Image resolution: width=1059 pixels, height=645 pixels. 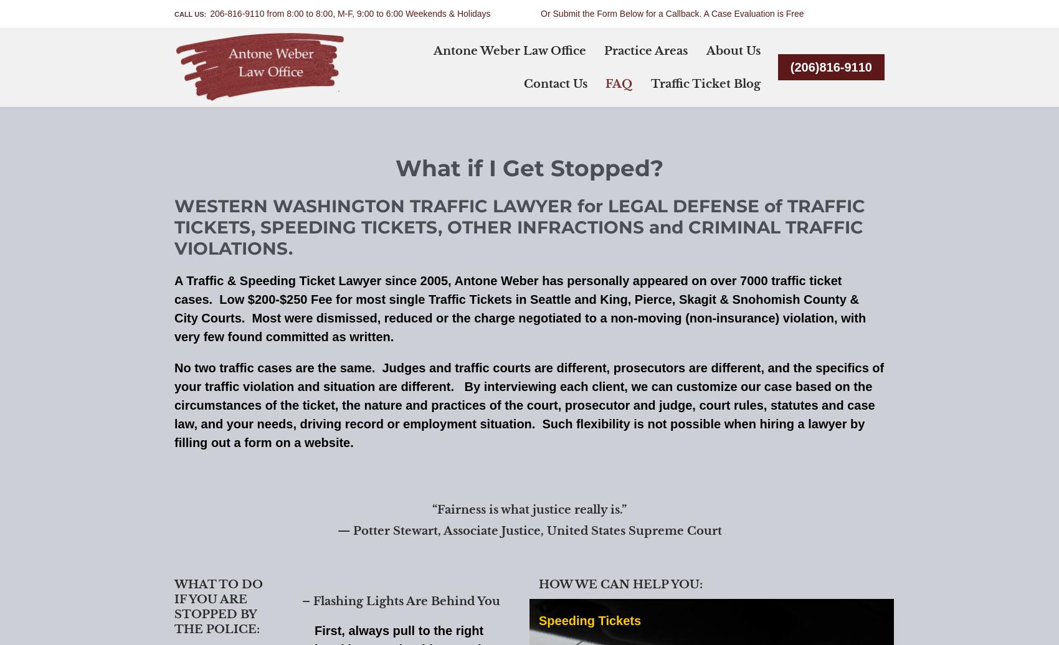 What do you see at coordinates (732, 50) in the screenshot?
I see `'About Us'` at bounding box center [732, 50].